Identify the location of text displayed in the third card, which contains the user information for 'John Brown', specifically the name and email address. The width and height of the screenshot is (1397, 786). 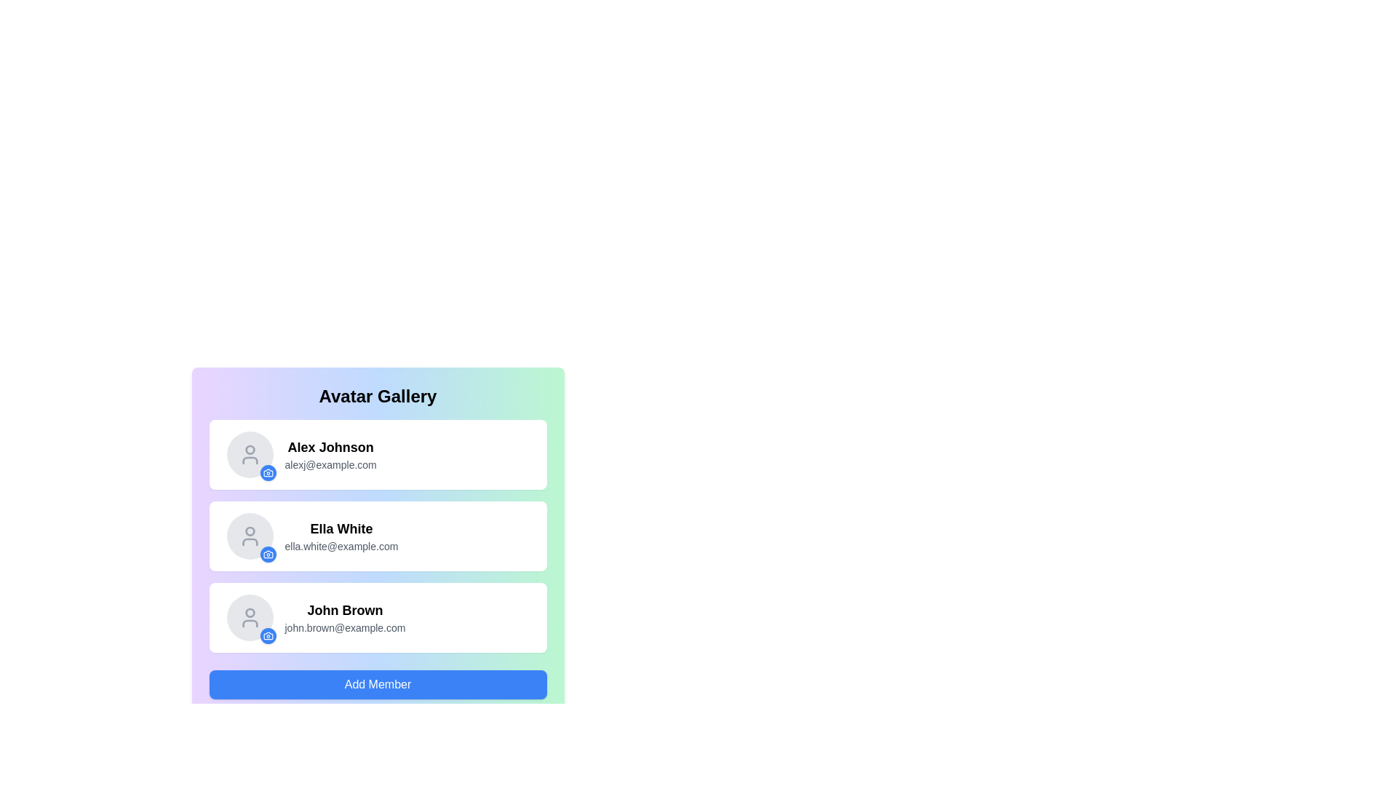
(344, 617).